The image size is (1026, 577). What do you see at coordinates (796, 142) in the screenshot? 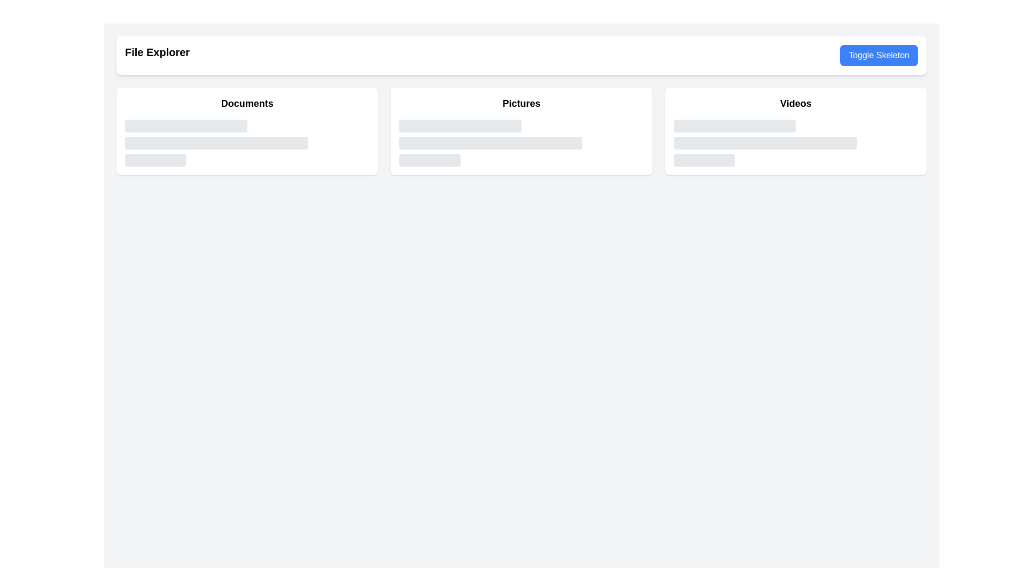
I see `the Skeleton loader bars located in the 'Videos' section, which consists of vertically arranged rectangular shapes with varying widths` at bounding box center [796, 142].